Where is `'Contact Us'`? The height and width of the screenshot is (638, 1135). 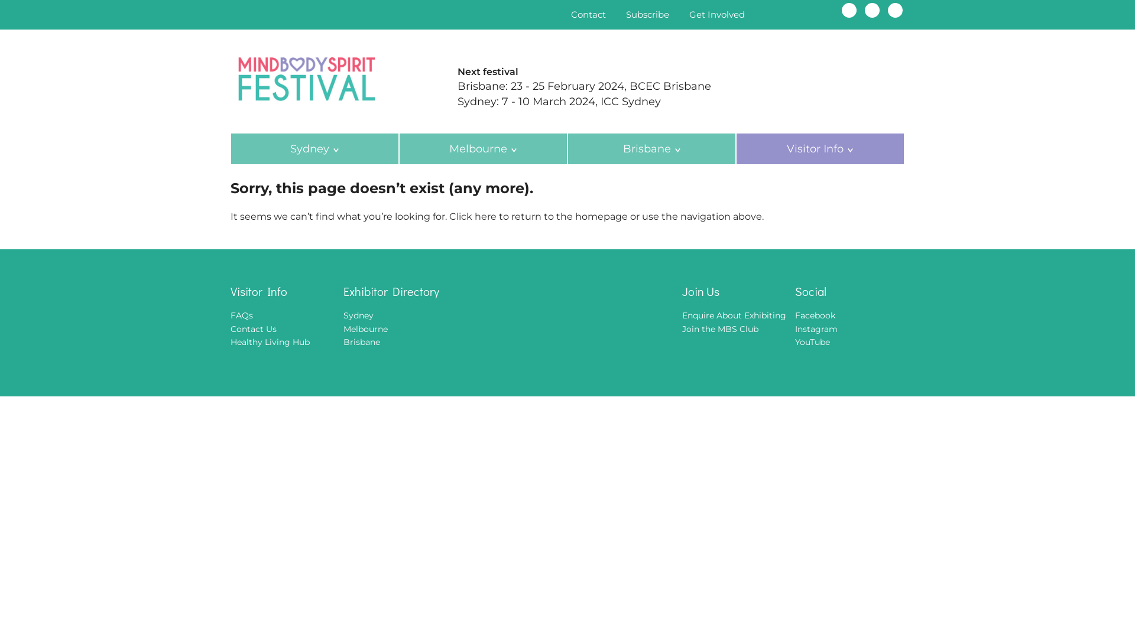 'Contact Us' is located at coordinates (252, 328).